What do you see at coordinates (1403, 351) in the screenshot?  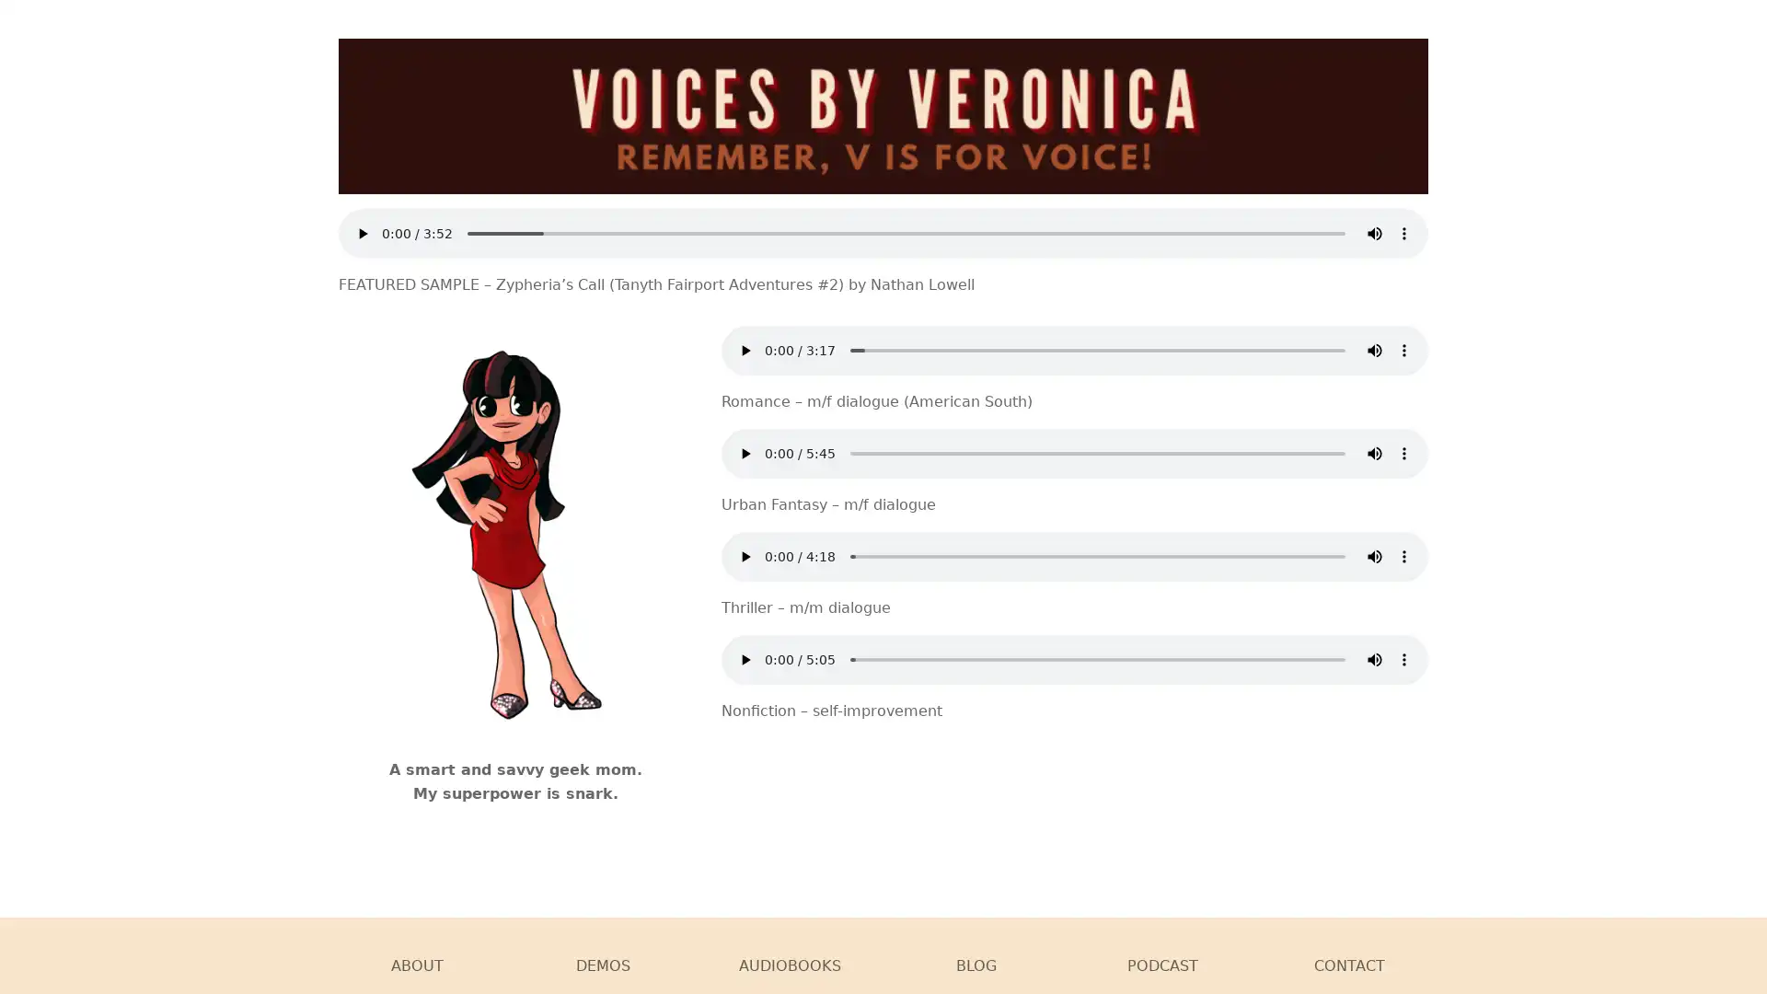 I see `show more media controls` at bounding box center [1403, 351].